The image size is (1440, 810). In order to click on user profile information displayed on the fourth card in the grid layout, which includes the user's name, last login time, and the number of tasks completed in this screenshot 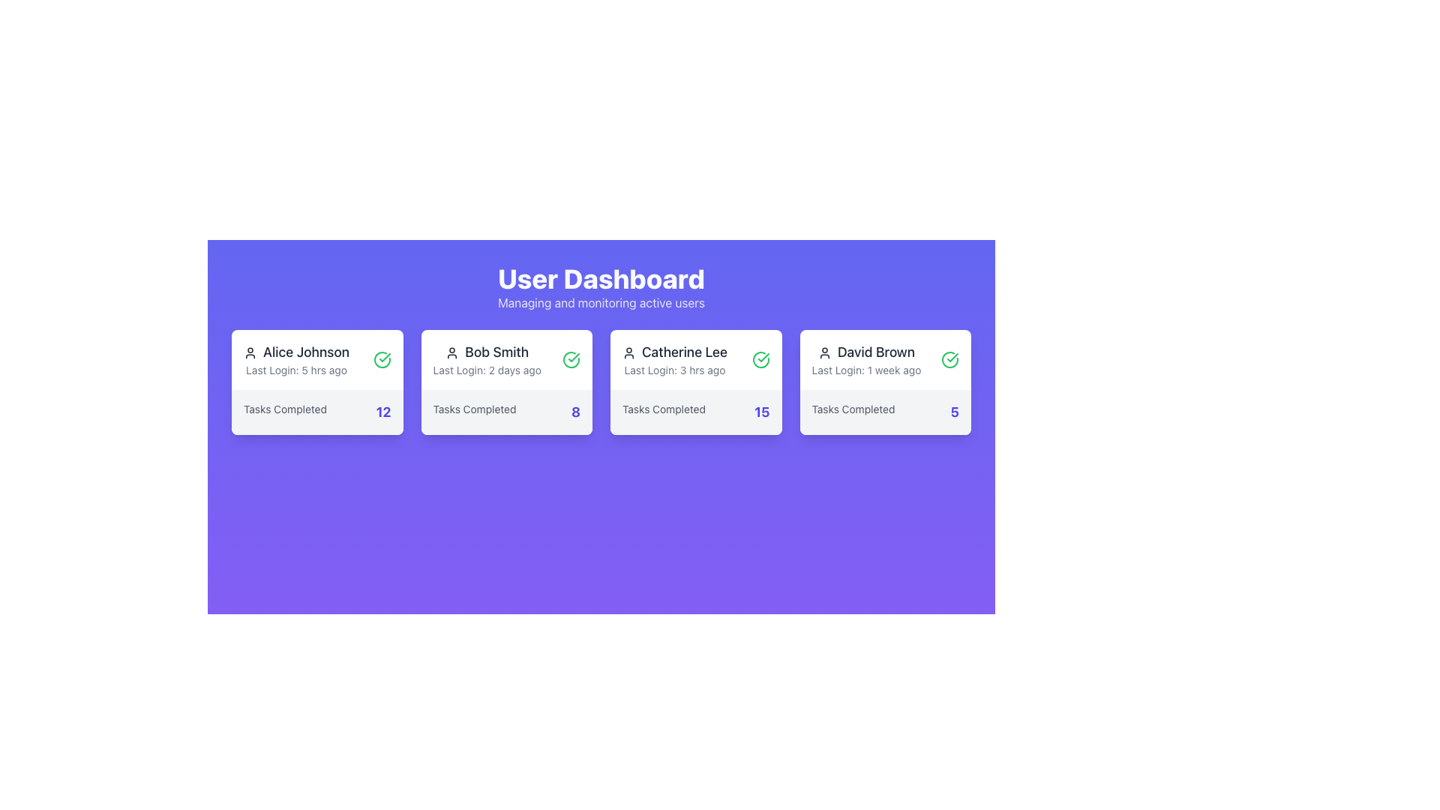, I will do `click(885, 381)`.